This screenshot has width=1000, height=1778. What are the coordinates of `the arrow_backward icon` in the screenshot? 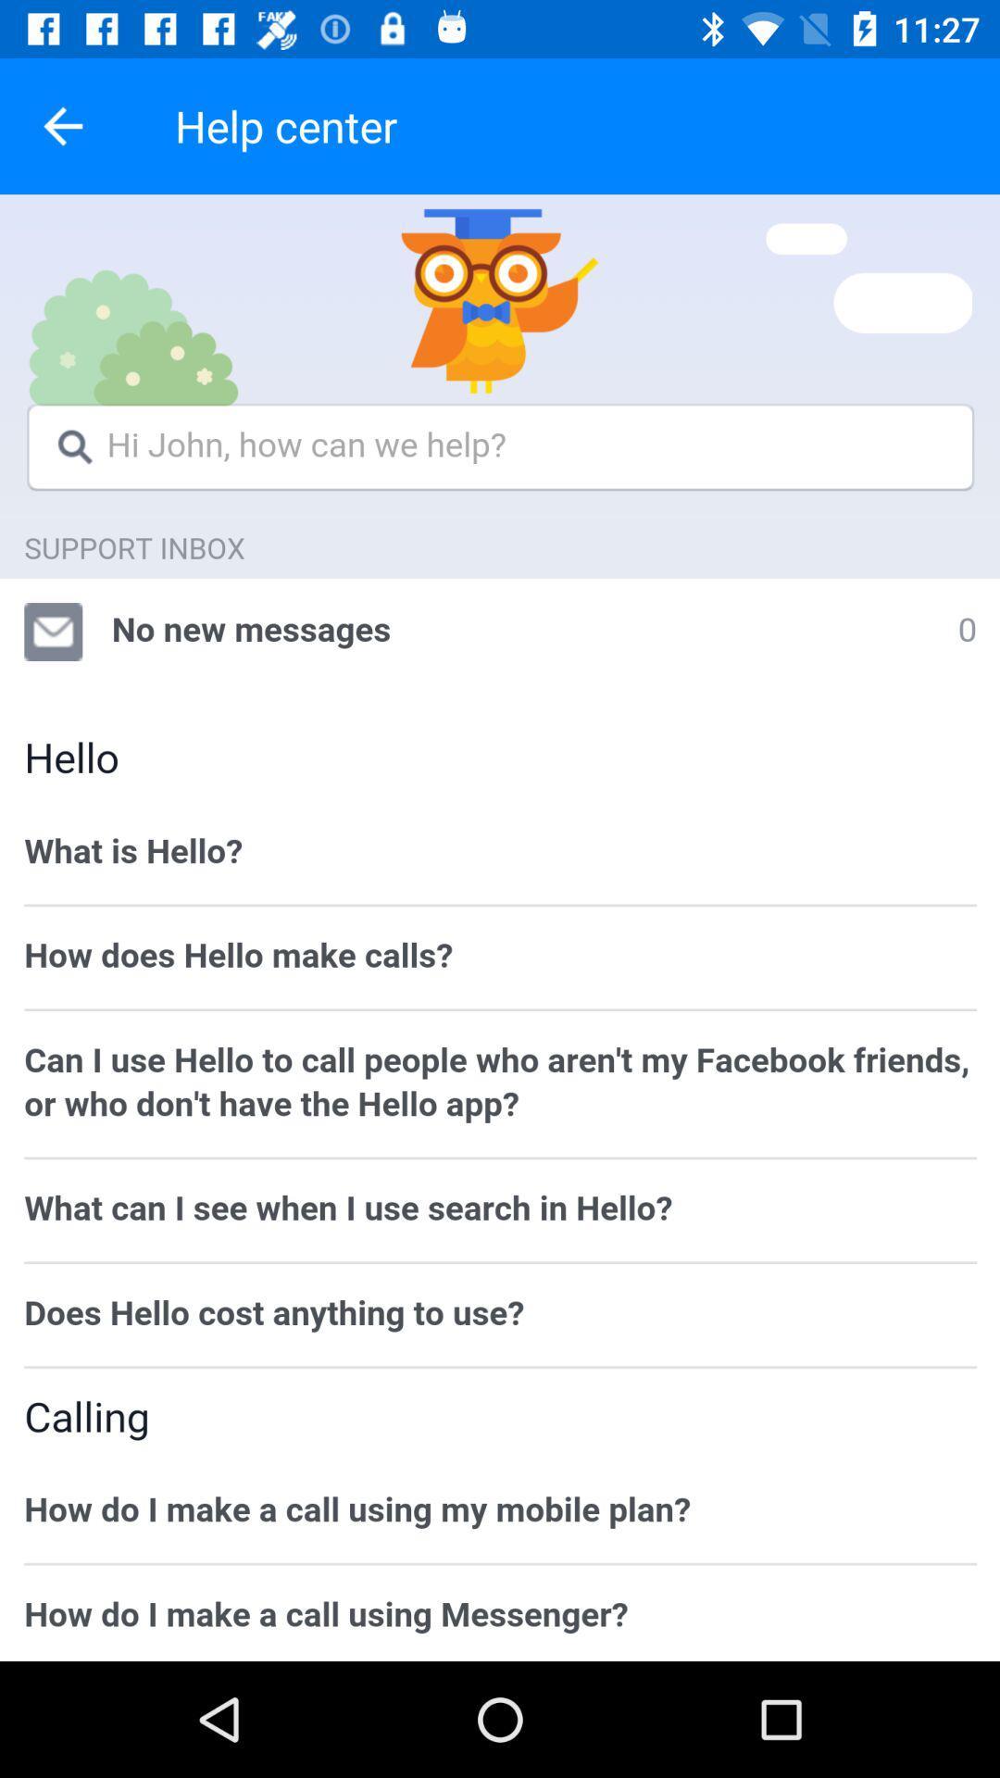 It's located at (62, 125).